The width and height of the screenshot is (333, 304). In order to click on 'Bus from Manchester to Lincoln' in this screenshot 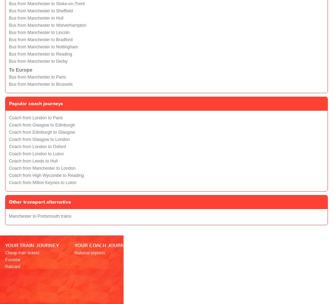, I will do `click(39, 32)`.